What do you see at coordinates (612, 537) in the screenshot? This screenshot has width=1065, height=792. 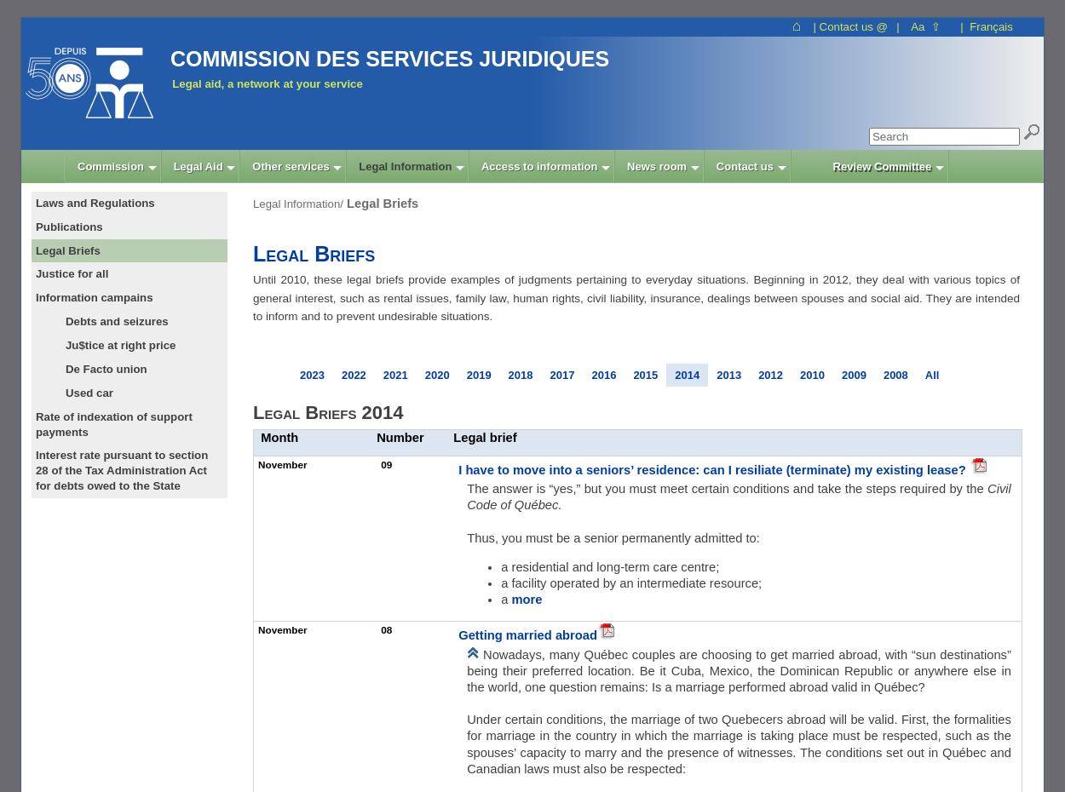 I see `'Thus, you must be a senior permanently admitted to:'` at bounding box center [612, 537].